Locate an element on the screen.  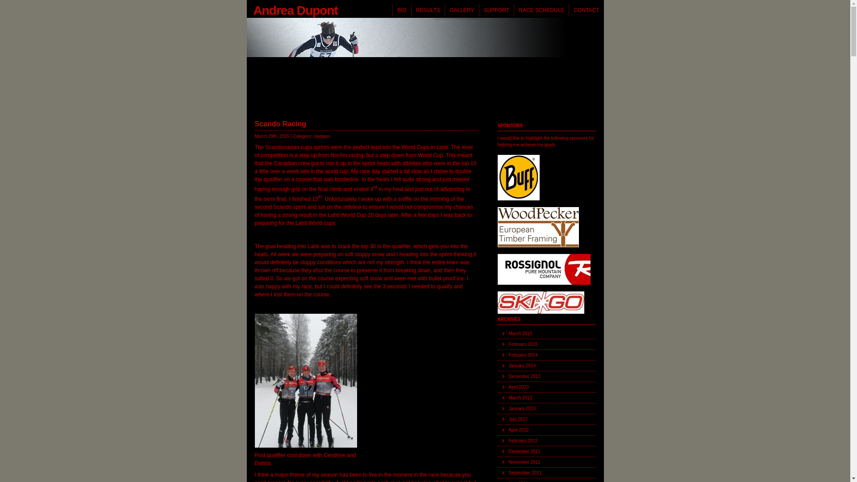
'April 2012' is located at coordinates (546, 430).